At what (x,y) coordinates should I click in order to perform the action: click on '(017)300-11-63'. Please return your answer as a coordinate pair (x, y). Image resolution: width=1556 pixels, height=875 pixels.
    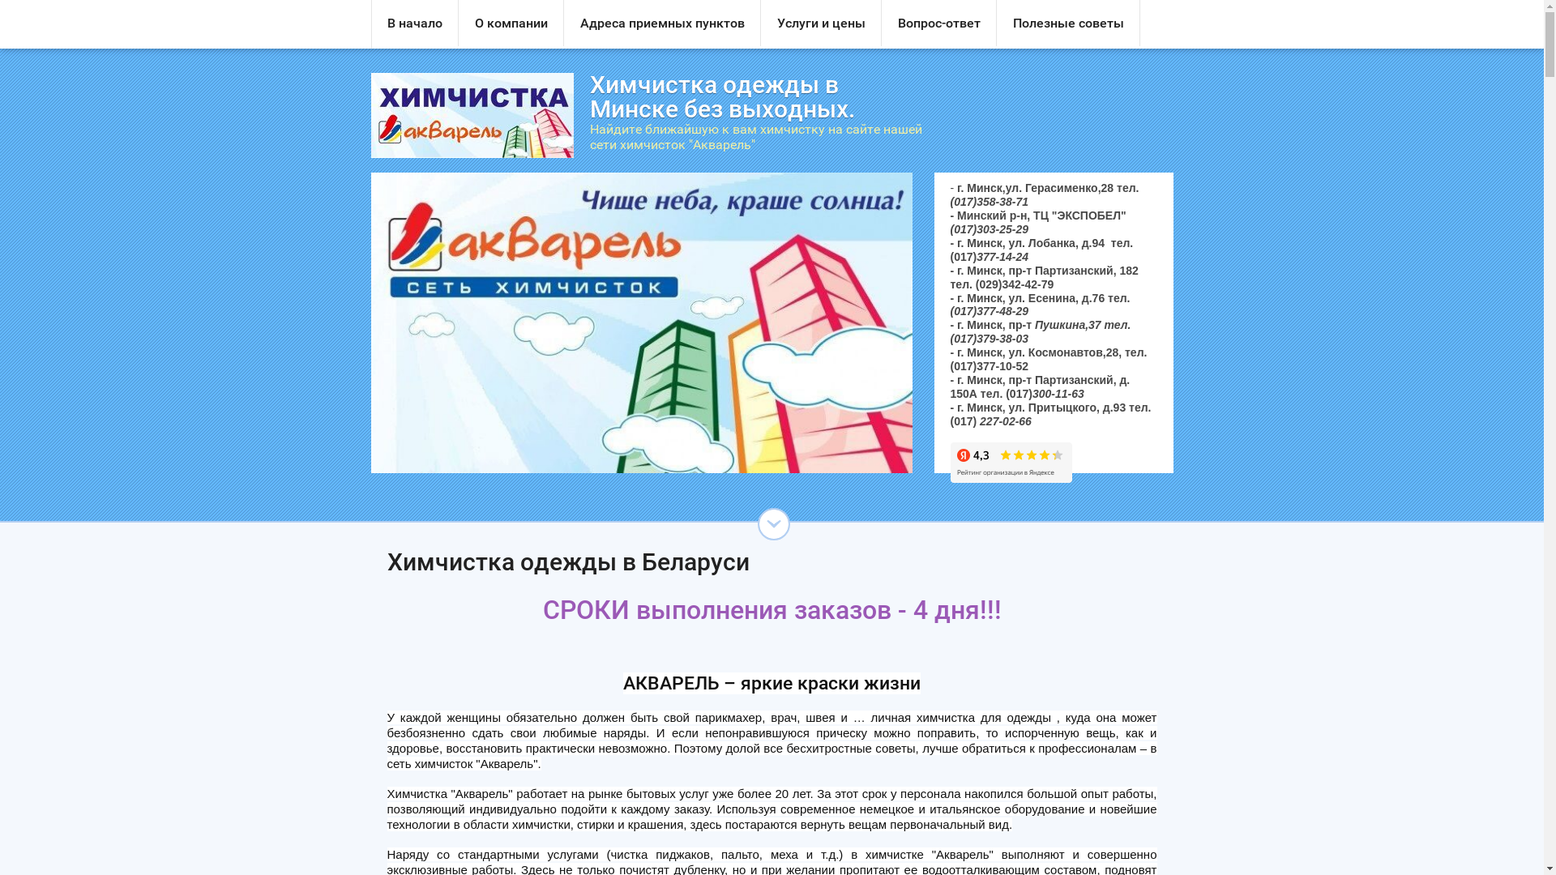
    Looking at the image, I should click on (1045, 394).